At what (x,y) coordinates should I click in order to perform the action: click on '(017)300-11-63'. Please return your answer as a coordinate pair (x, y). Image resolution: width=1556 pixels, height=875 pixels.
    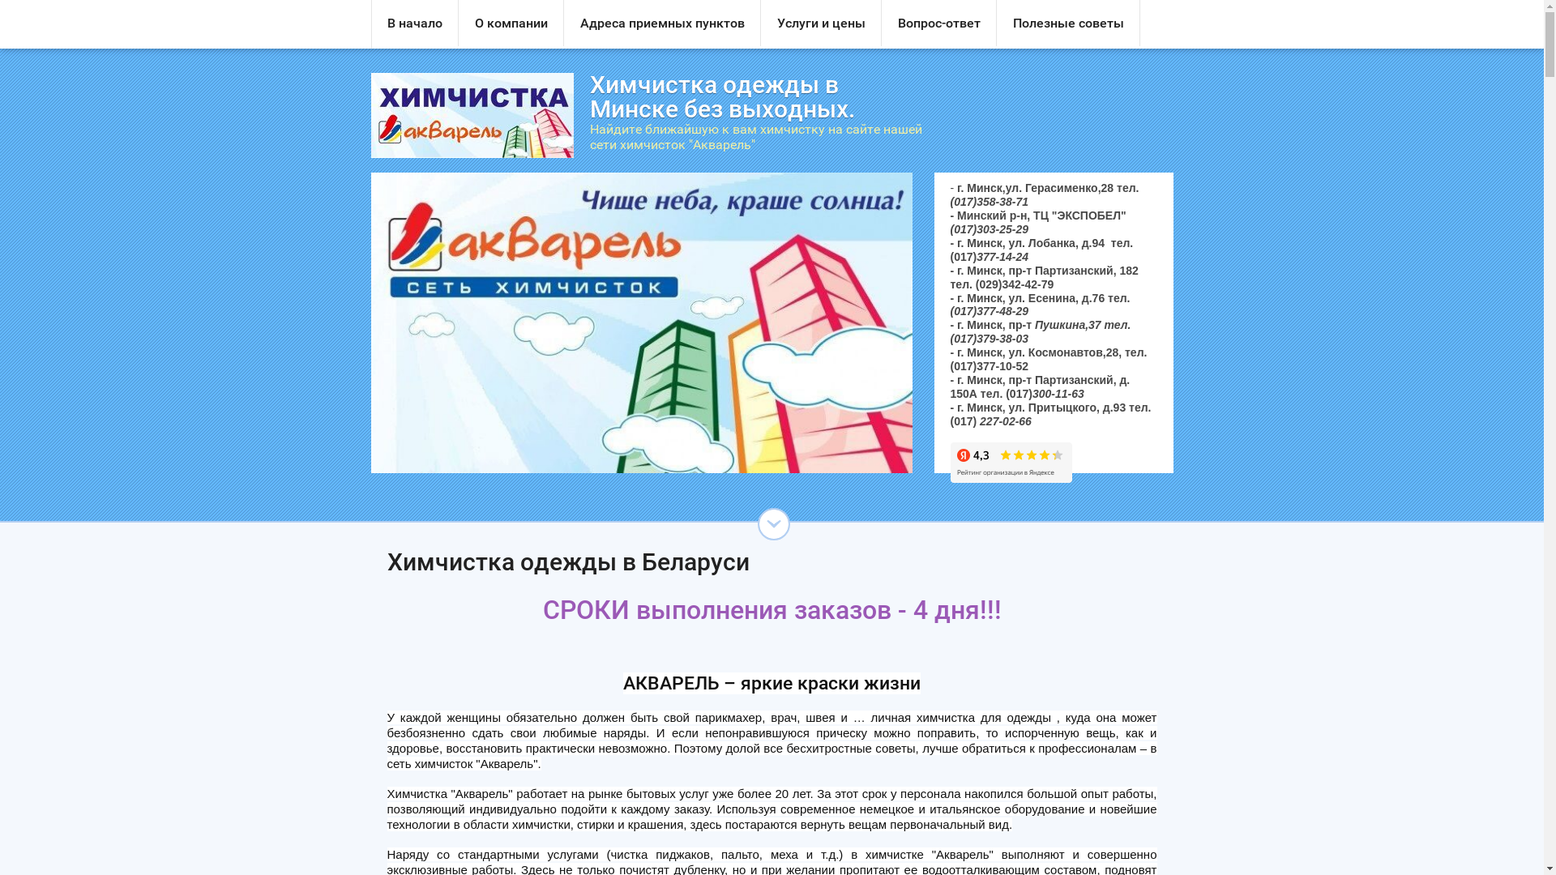
    Looking at the image, I should click on (1045, 394).